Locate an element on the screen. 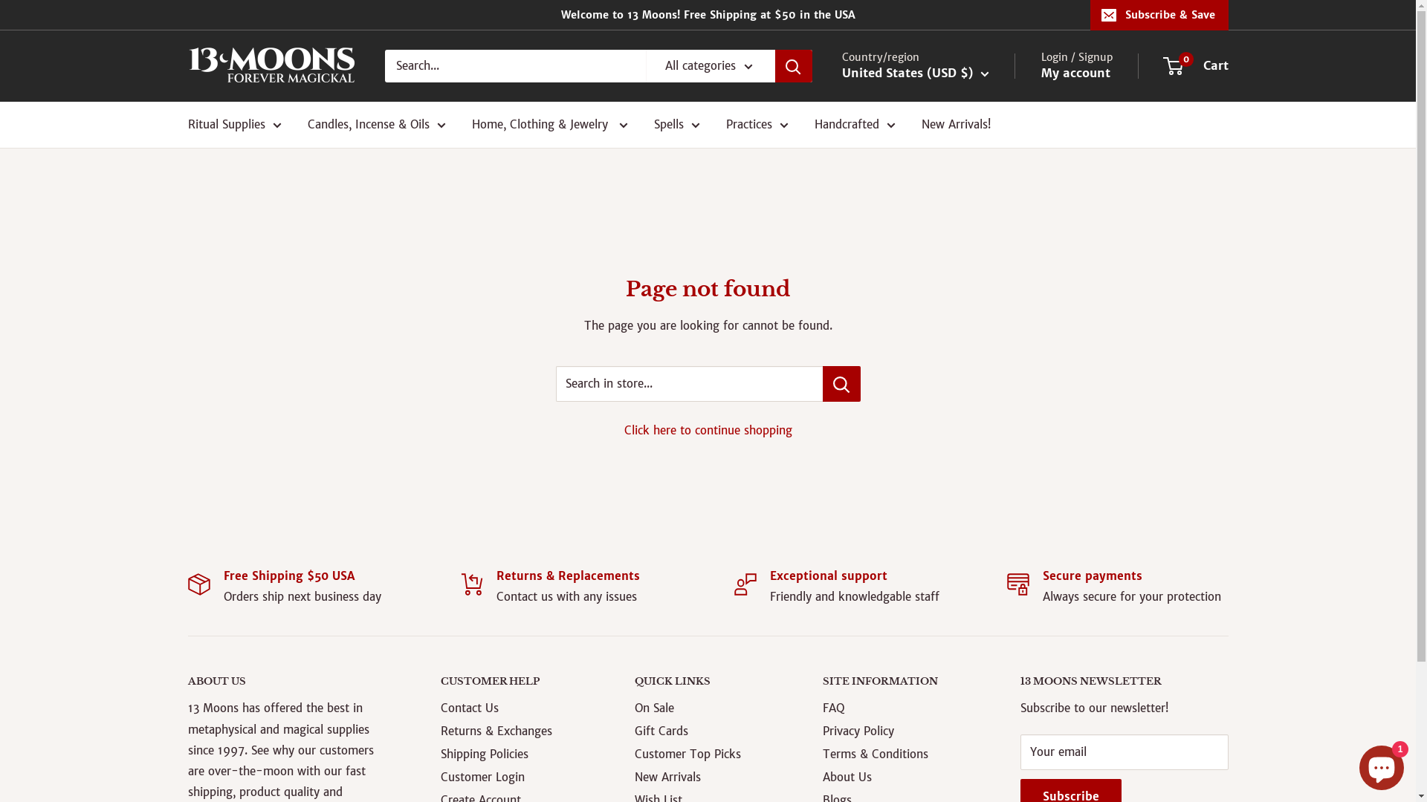  'Candles, Incense & Oils' is located at coordinates (377, 124).